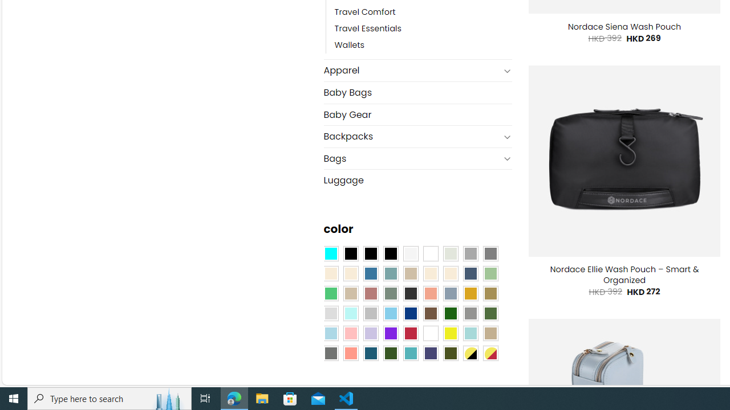 The height and width of the screenshot is (410, 730). What do you see at coordinates (411, 352) in the screenshot?
I see `'Teal'` at bounding box center [411, 352].